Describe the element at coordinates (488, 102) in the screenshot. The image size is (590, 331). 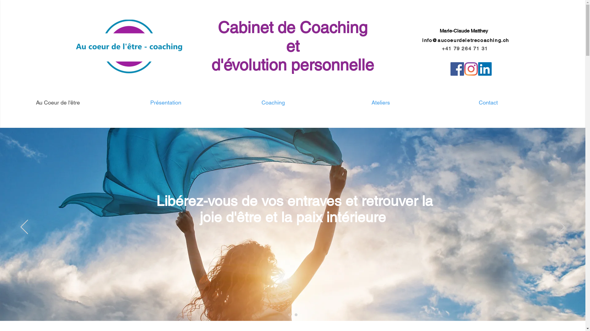
I see `'Contact'` at that location.